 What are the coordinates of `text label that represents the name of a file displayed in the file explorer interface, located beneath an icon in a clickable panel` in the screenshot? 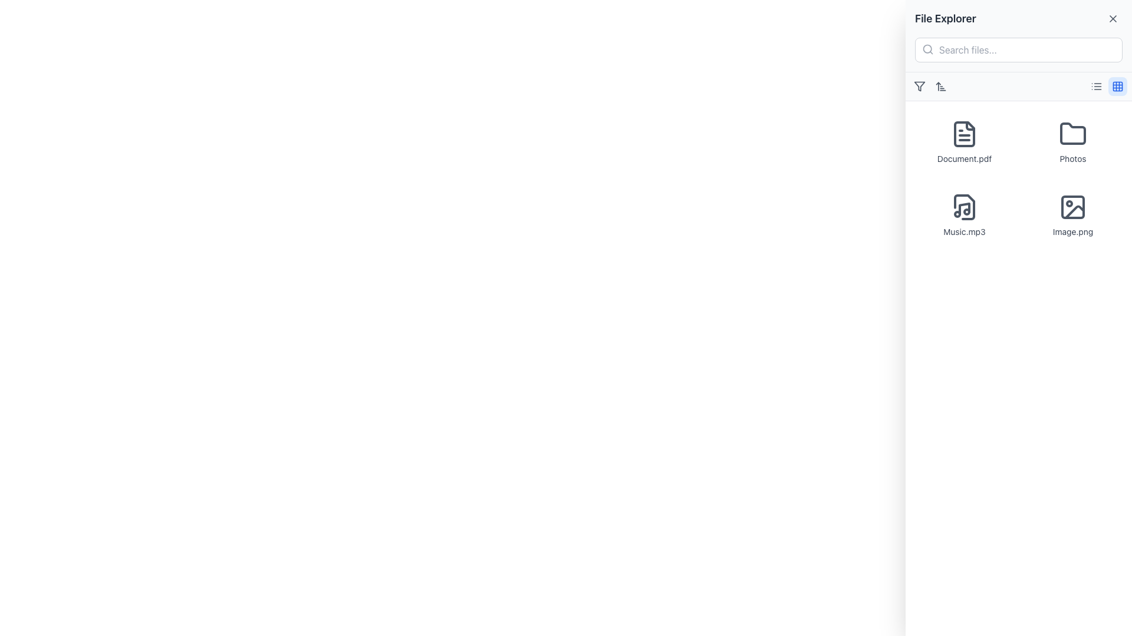 It's located at (1072, 231).